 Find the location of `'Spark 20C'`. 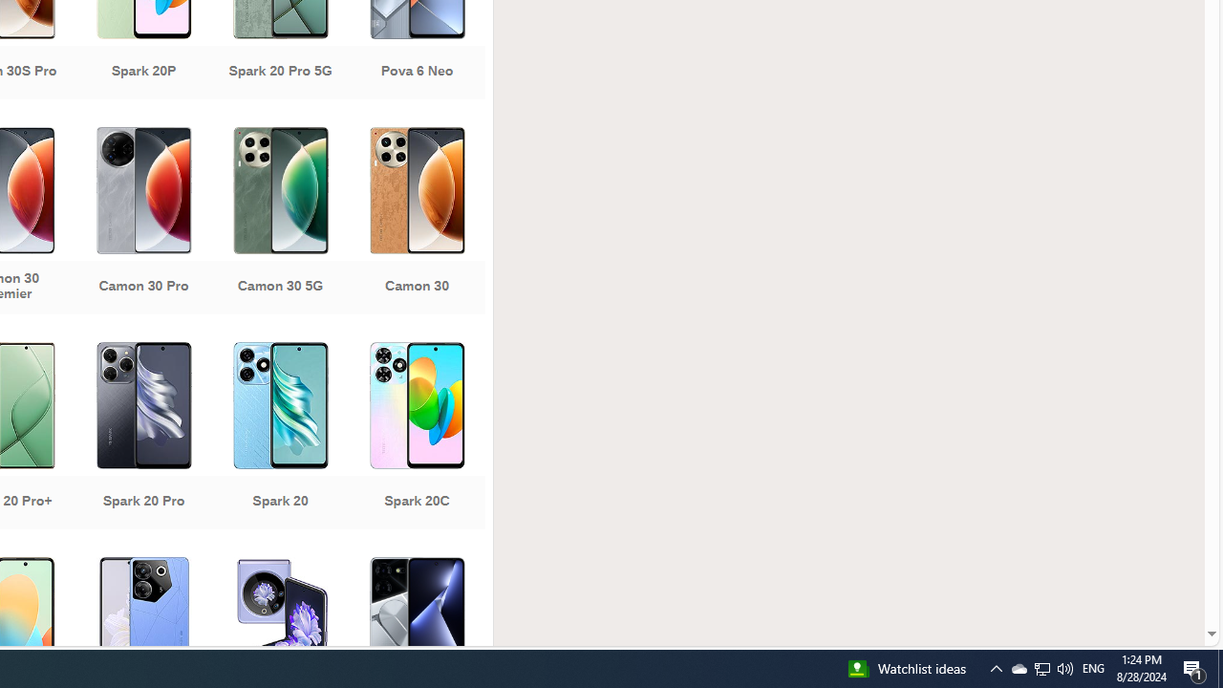

'Spark 20C' is located at coordinates (416, 438).